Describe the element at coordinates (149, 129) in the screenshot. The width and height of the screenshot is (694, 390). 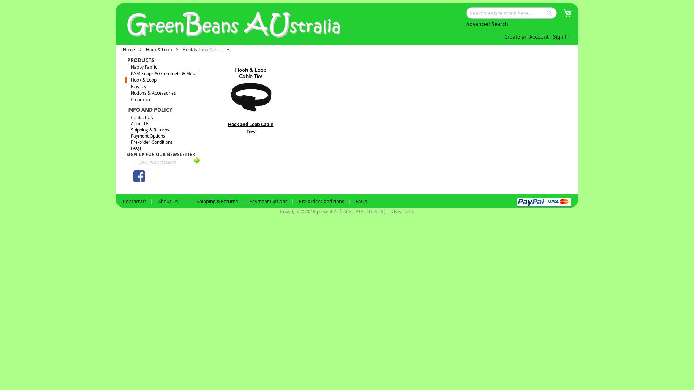
I see `'Shipping & Returns'` at that location.